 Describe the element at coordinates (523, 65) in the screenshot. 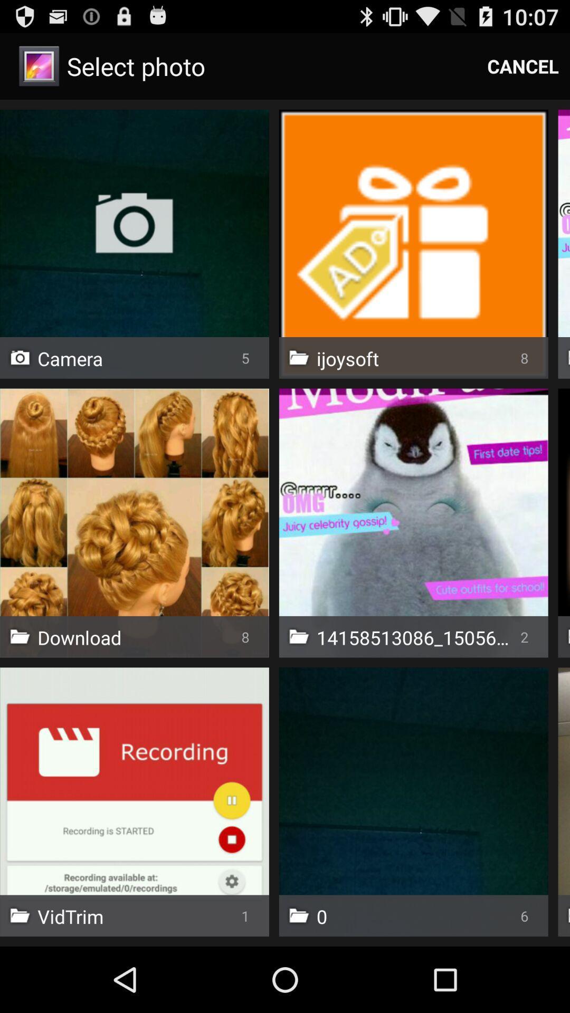

I see `icon next to select photo app` at that location.